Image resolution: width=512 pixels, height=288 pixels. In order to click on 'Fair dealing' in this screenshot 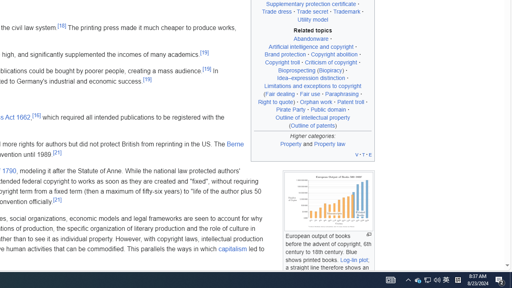, I will do `click(280, 93)`.